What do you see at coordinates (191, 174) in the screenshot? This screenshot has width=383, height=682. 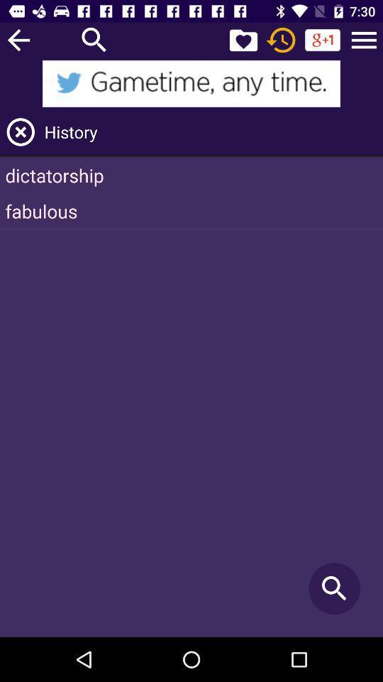 I see `the app above fabulous icon` at bounding box center [191, 174].